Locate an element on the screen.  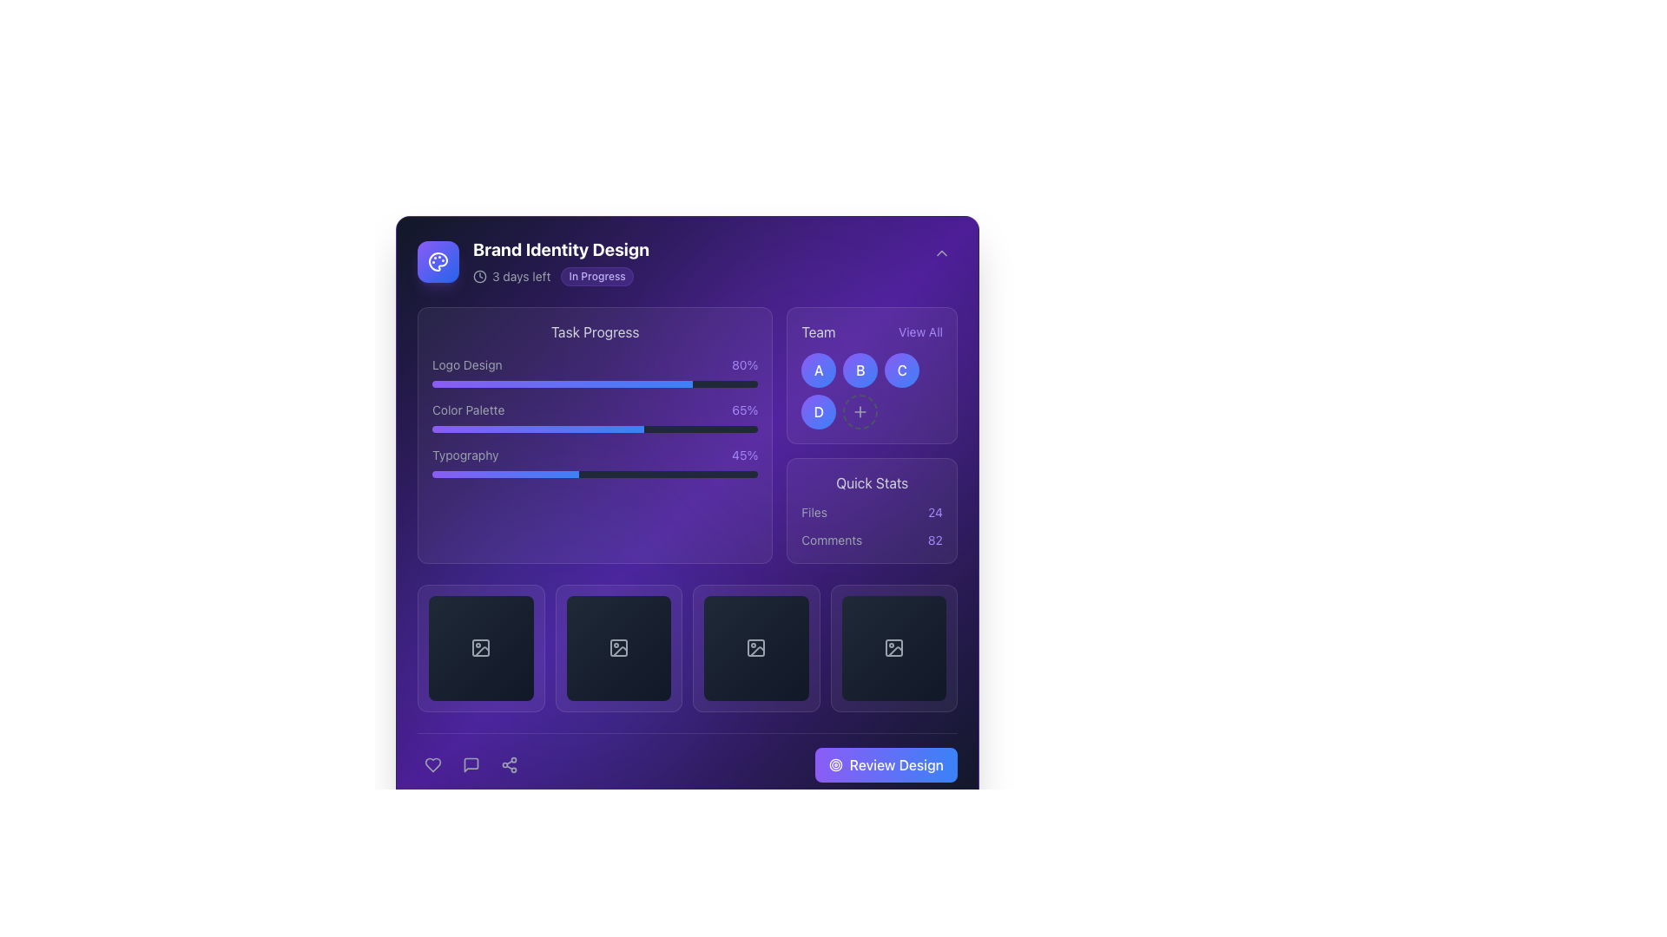
the third SVG icon representing an image at the bottom of the card is located at coordinates (756, 648).